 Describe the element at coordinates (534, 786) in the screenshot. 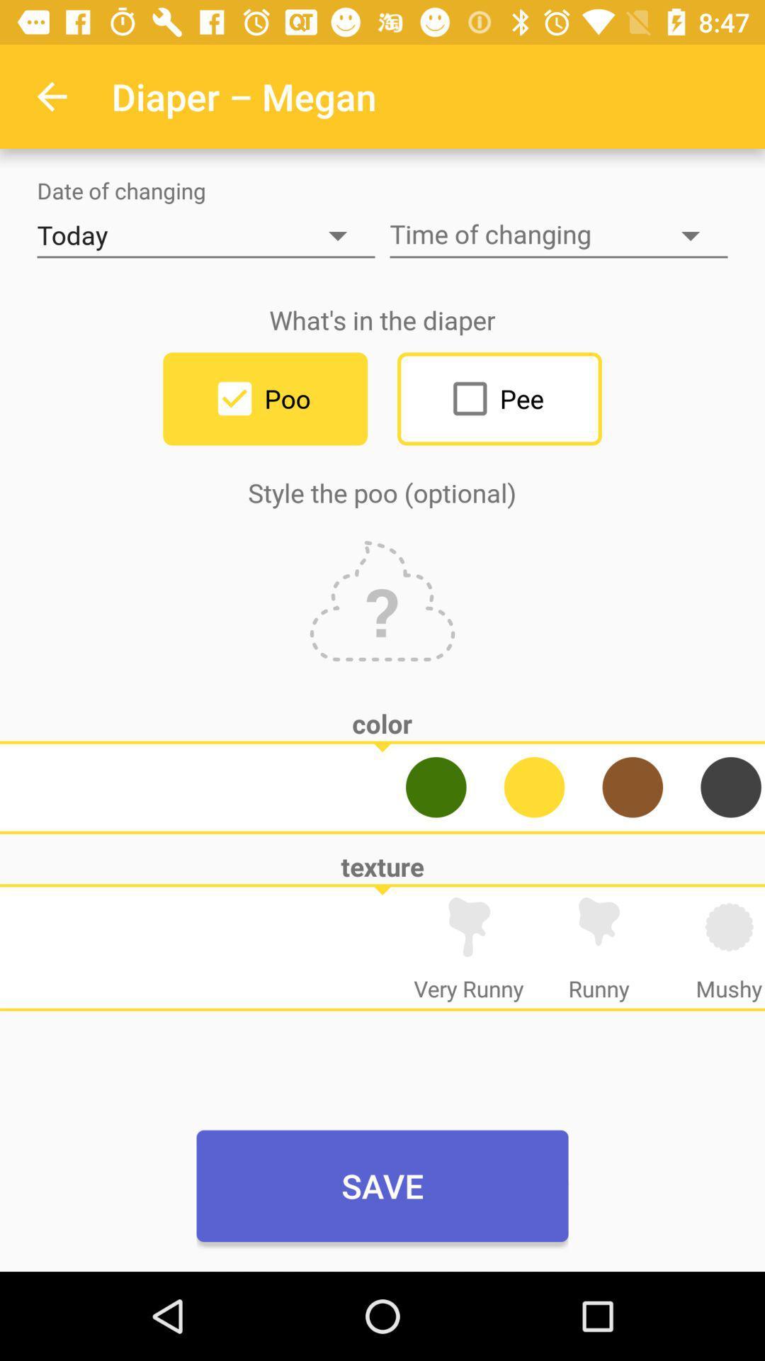

I see `the avatar icon` at that location.